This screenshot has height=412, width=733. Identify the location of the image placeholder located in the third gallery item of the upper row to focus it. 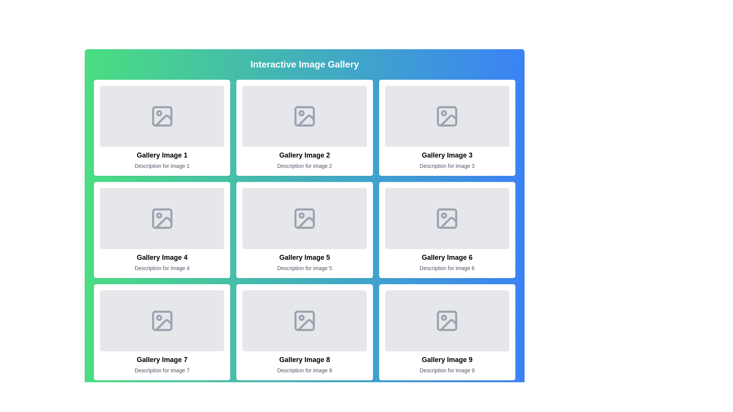
(447, 116).